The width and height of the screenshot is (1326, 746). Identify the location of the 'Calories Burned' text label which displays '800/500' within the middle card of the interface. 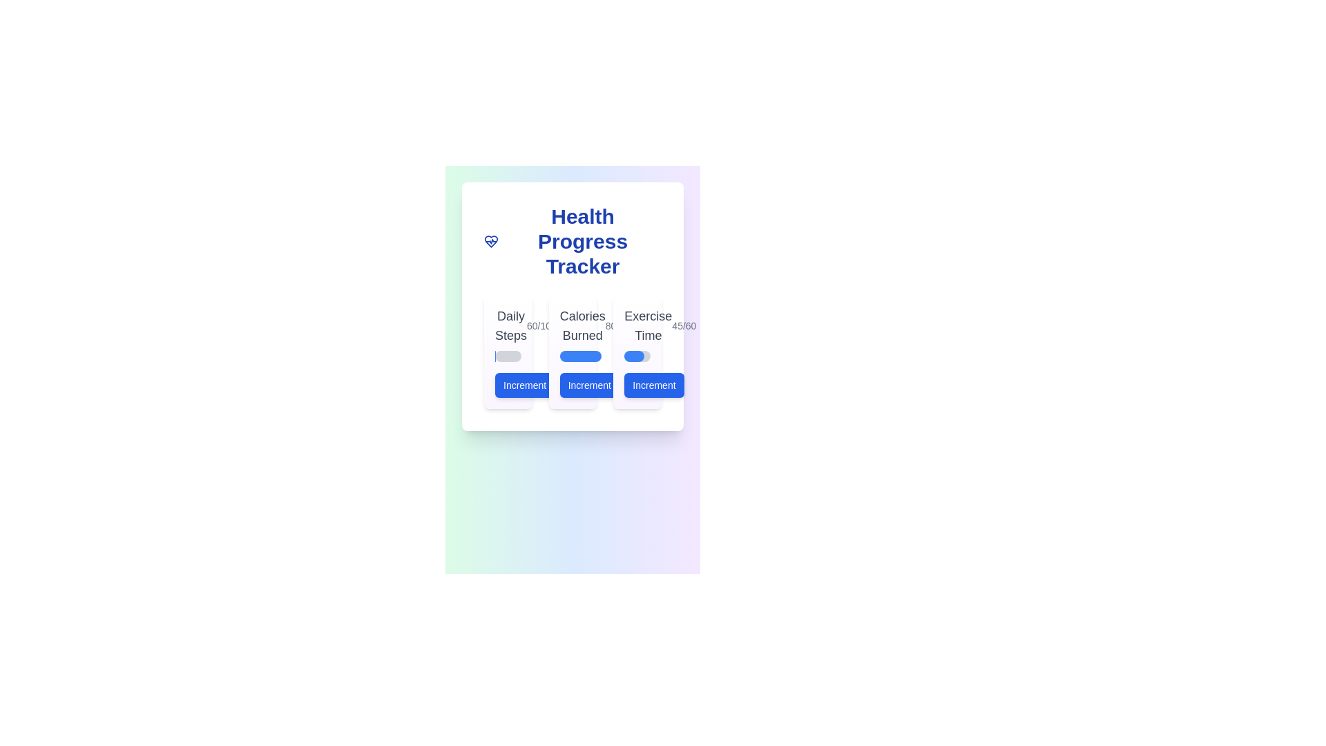
(573, 325).